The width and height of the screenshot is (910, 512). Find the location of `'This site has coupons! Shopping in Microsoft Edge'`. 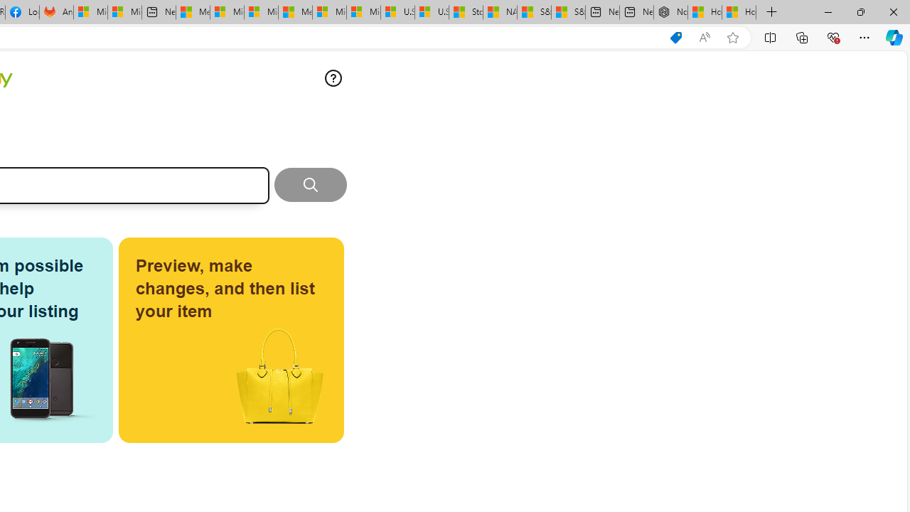

'This site has coupons! Shopping in Microsoft Edge' is located at coordinates (675, 37).